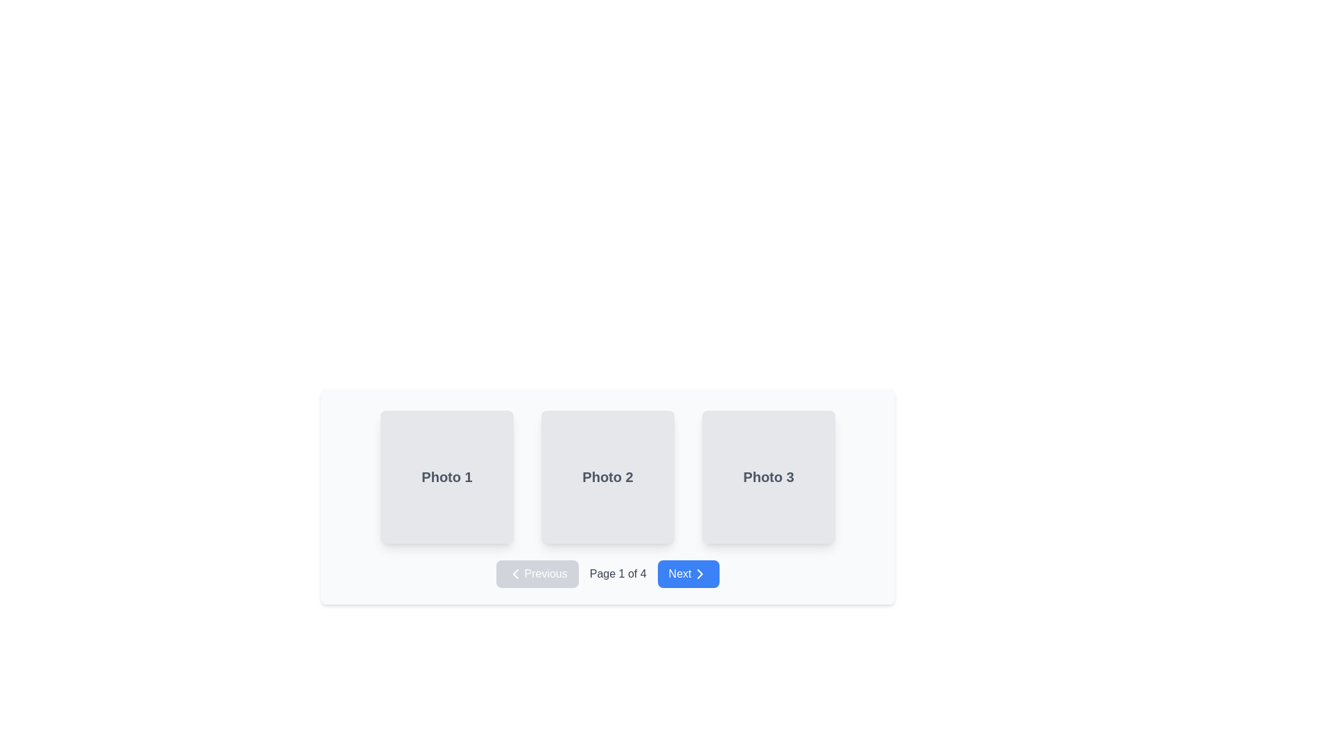  What do you see at coordinates (446, 477) in the screenshot?
I see `the text label indicating 'Photo 1', which is located at the center of the first card in a series of three horizontally aligned cards` at bounding box center [446, 477].